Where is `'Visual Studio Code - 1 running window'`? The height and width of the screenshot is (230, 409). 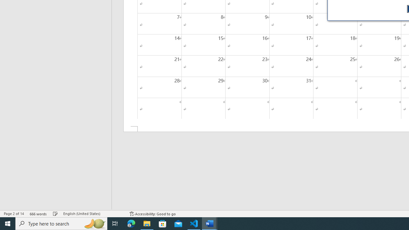 'Visual Studio Code - 1 running window' is located at coordinates (194, 223).